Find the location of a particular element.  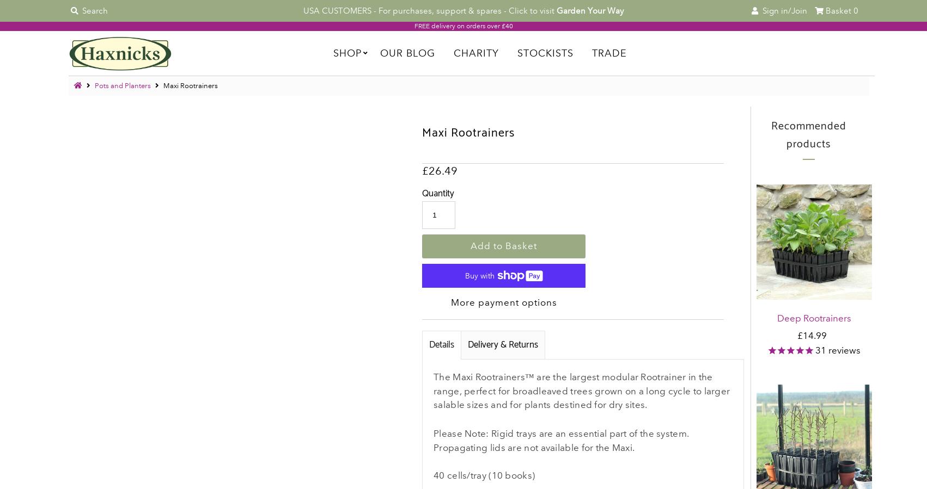

'Buy with' is located at coordinates (465, 276).